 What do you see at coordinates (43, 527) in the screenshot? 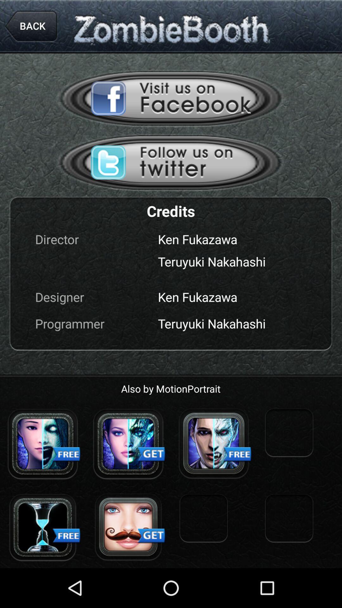
I see `open app details` at bounding box center [43, 527].